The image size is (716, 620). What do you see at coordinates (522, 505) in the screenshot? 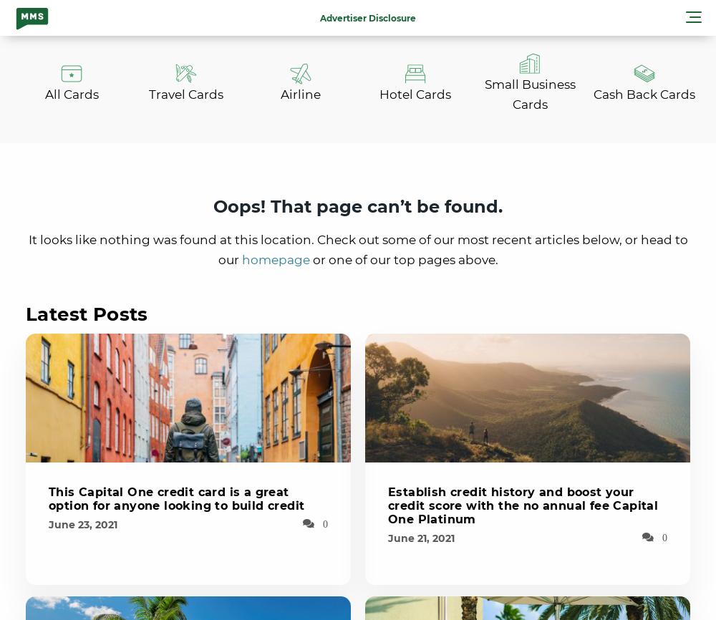
I see `'Establish credit history and boost your credit score with the no annual fee Capital One Platinum'` at bounding box center [522, 505].